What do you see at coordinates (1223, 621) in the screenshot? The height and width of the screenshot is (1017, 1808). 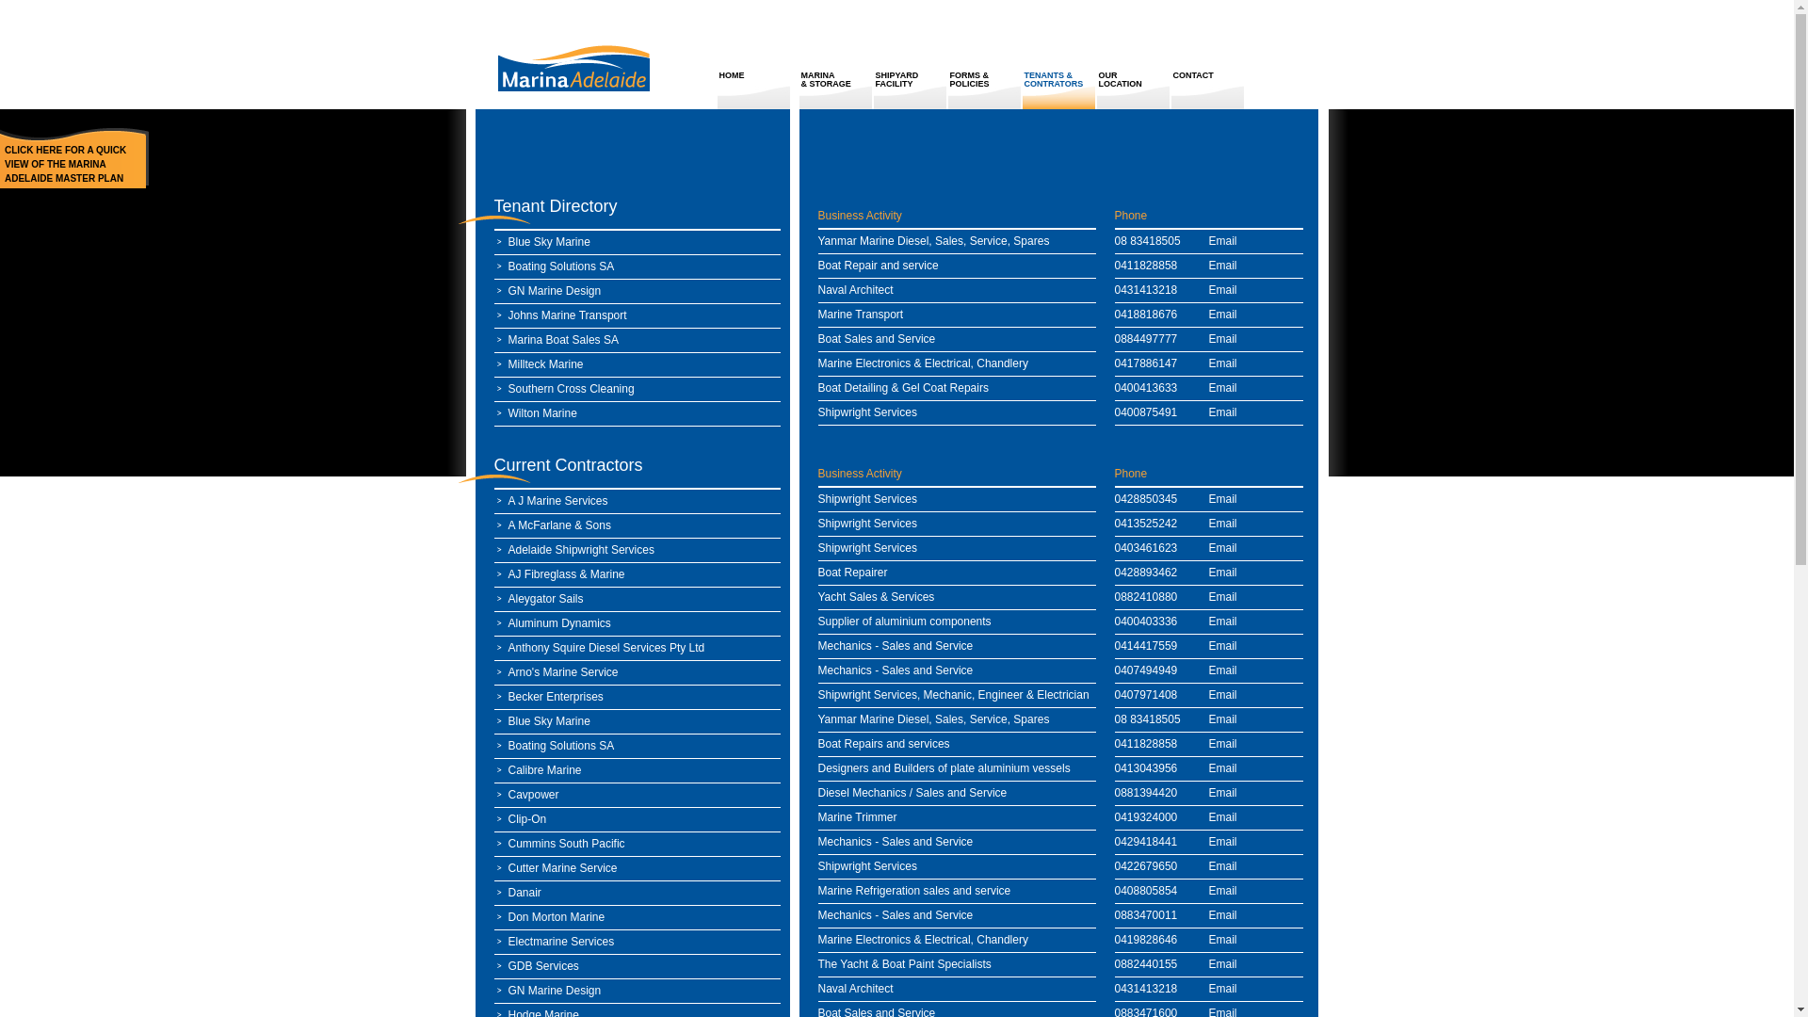 I see `'Email'` at bounding box center [1223, 621].